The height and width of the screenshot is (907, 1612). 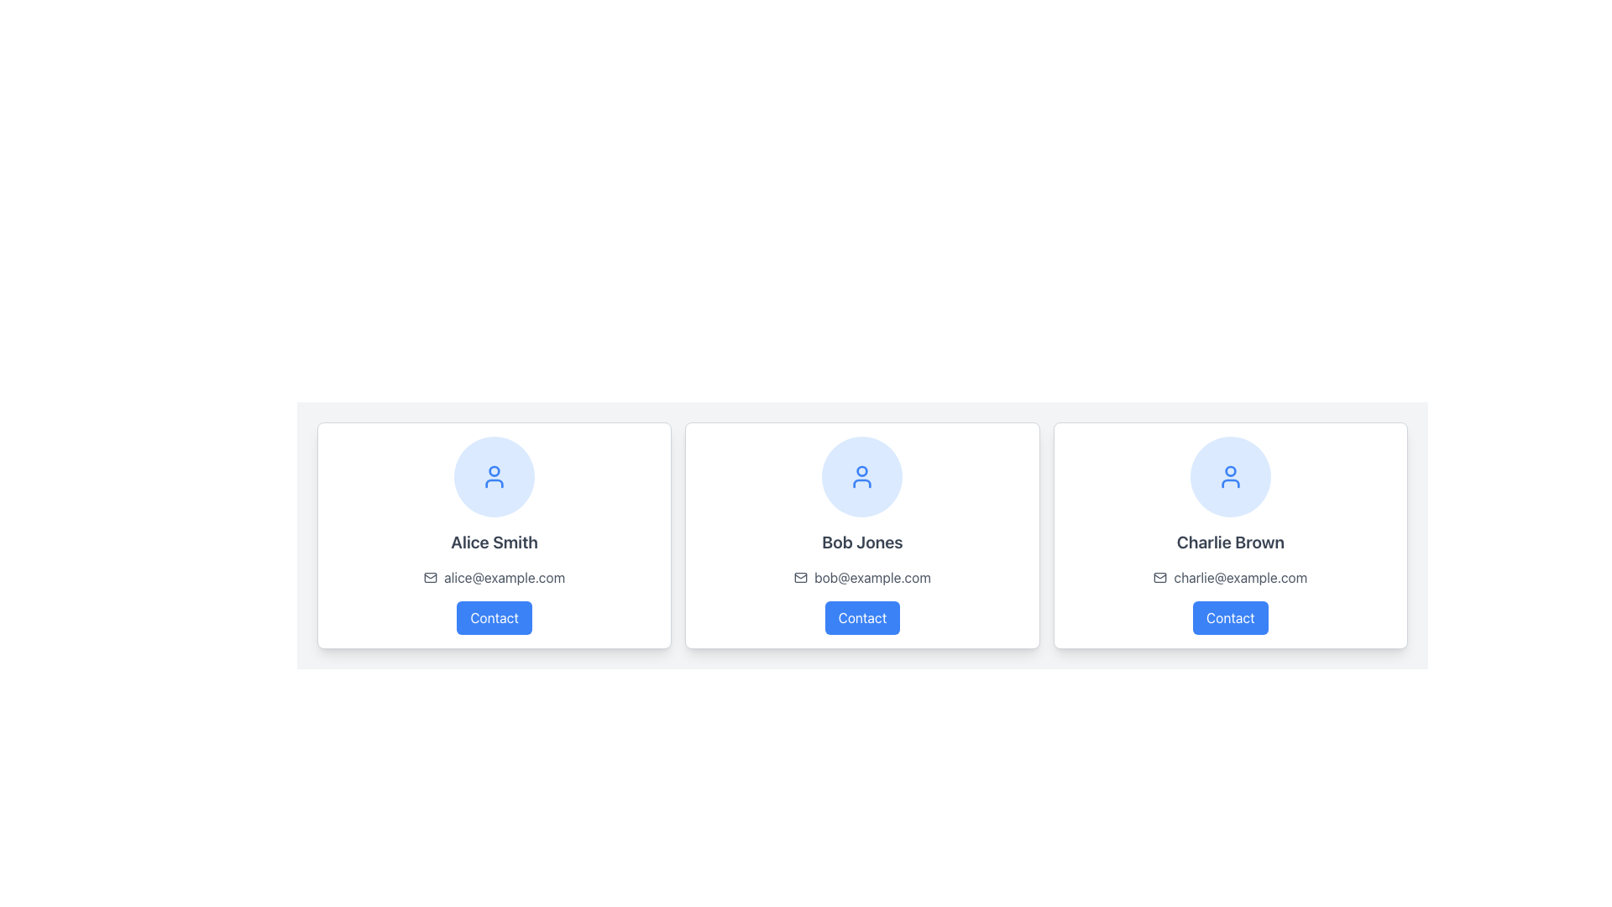 What do you see at coordinates (494, 542) in the screenshot?
I see `the text label displaying 'Alice Smith', which is styled in a larger bold gray font and positioned below a circular icon and above an email address` at bounding box center [494, 542].